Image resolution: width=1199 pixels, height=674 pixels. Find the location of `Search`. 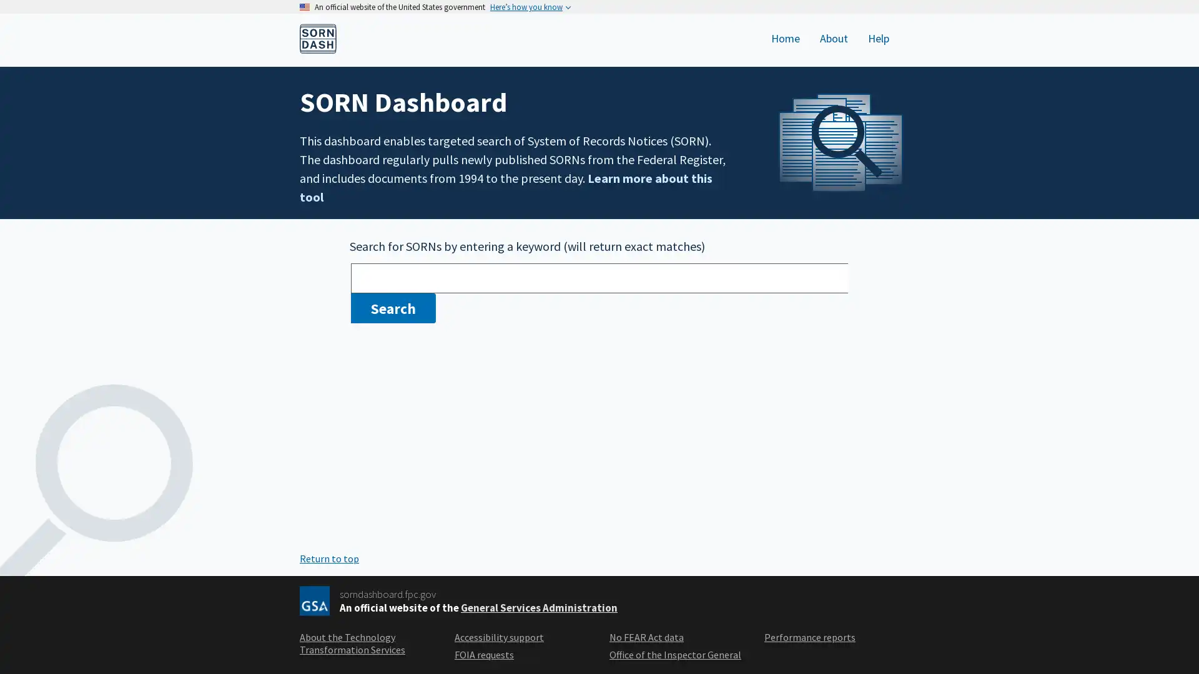

Search is located at coordinates (392, 308).